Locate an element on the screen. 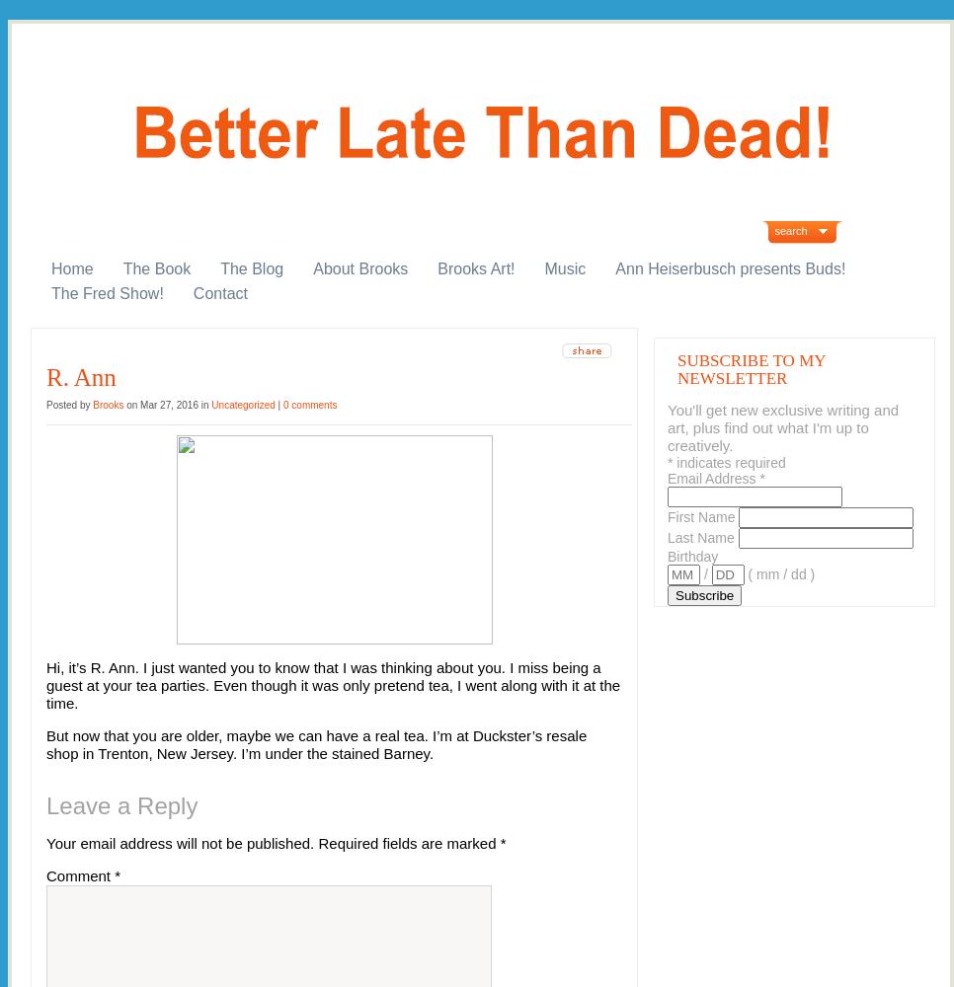  'search' is located at coordinates (790, 230).